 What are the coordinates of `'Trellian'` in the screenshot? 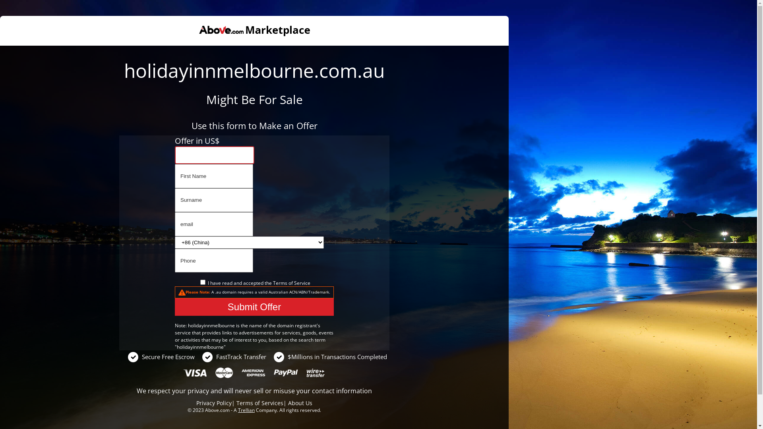 It's located at (246, 410).